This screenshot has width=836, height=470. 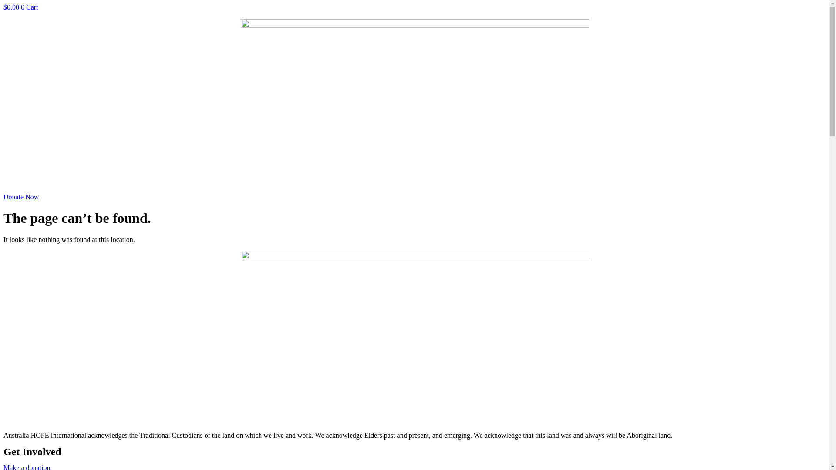 I want to click on '$0.00 0 Cart', so click(x=3, y=7).